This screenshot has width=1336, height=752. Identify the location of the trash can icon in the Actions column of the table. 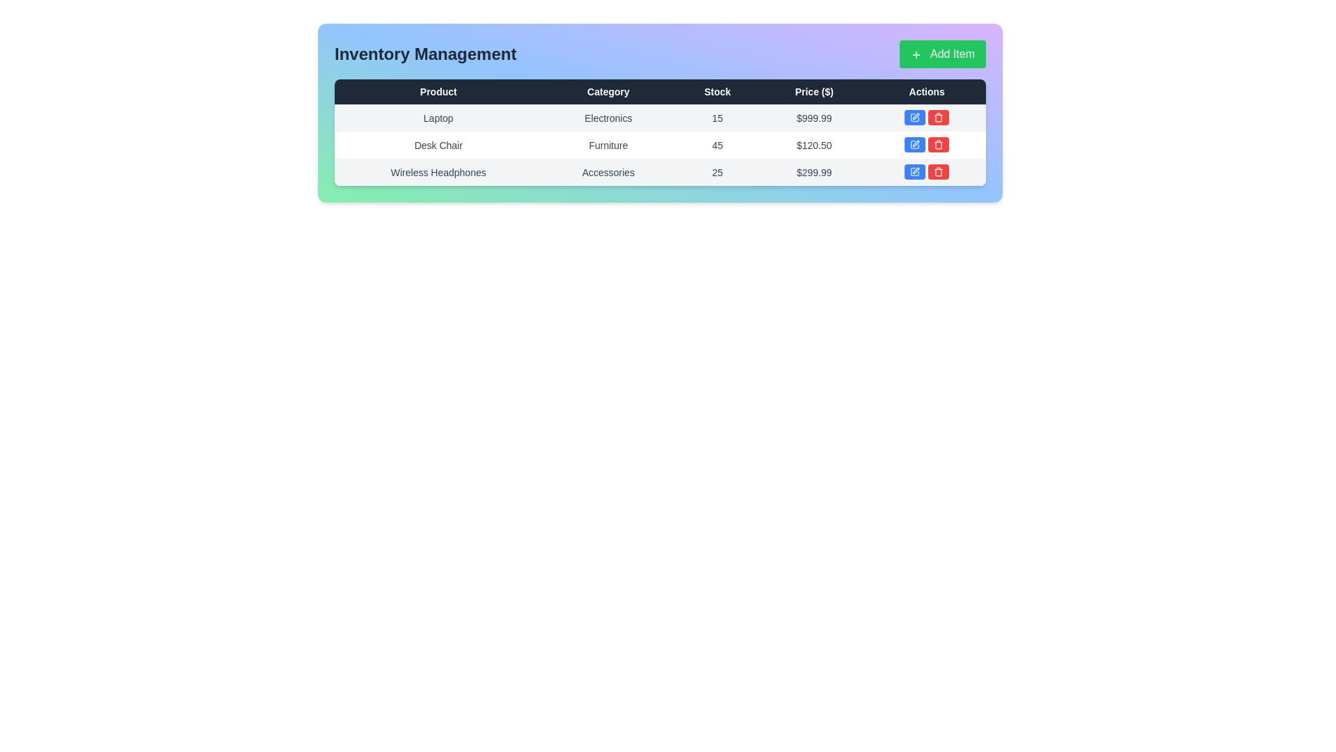
(939, 172).